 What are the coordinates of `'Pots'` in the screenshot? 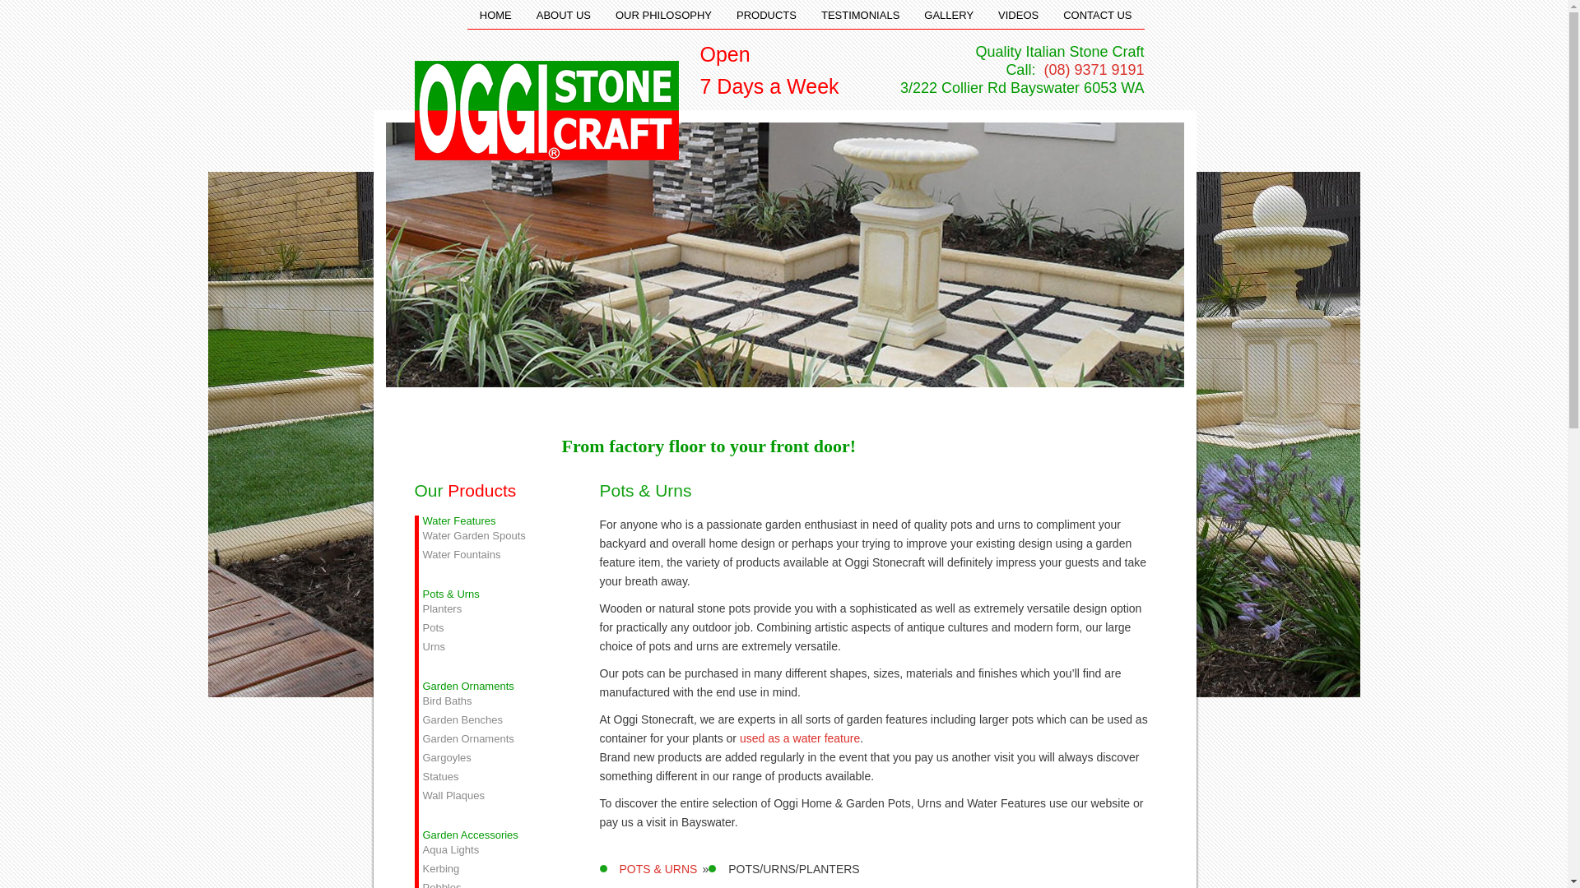 It's located at (490, 627).